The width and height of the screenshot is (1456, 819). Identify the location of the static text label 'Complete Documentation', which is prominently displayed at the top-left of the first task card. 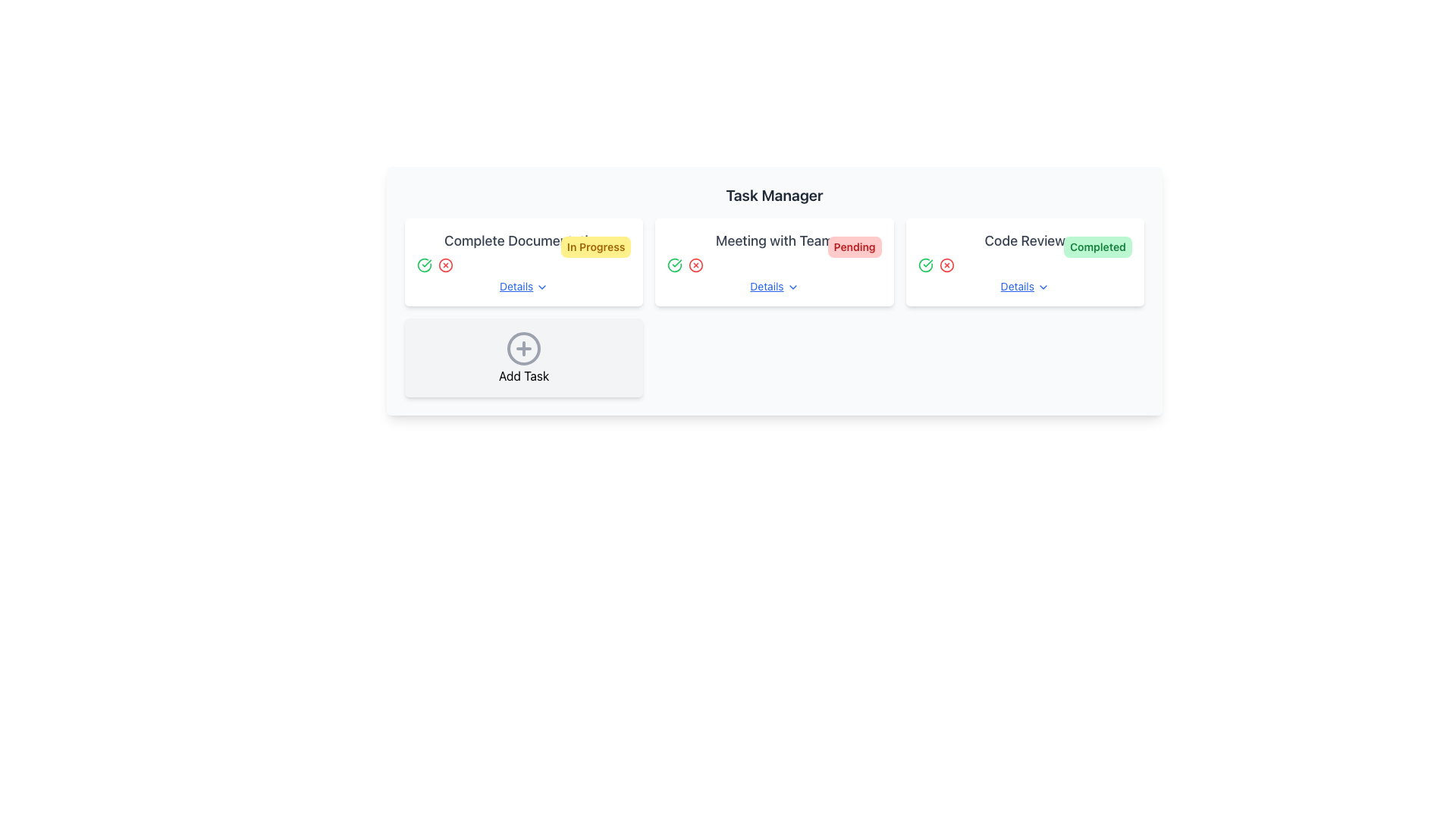
(524, 240).